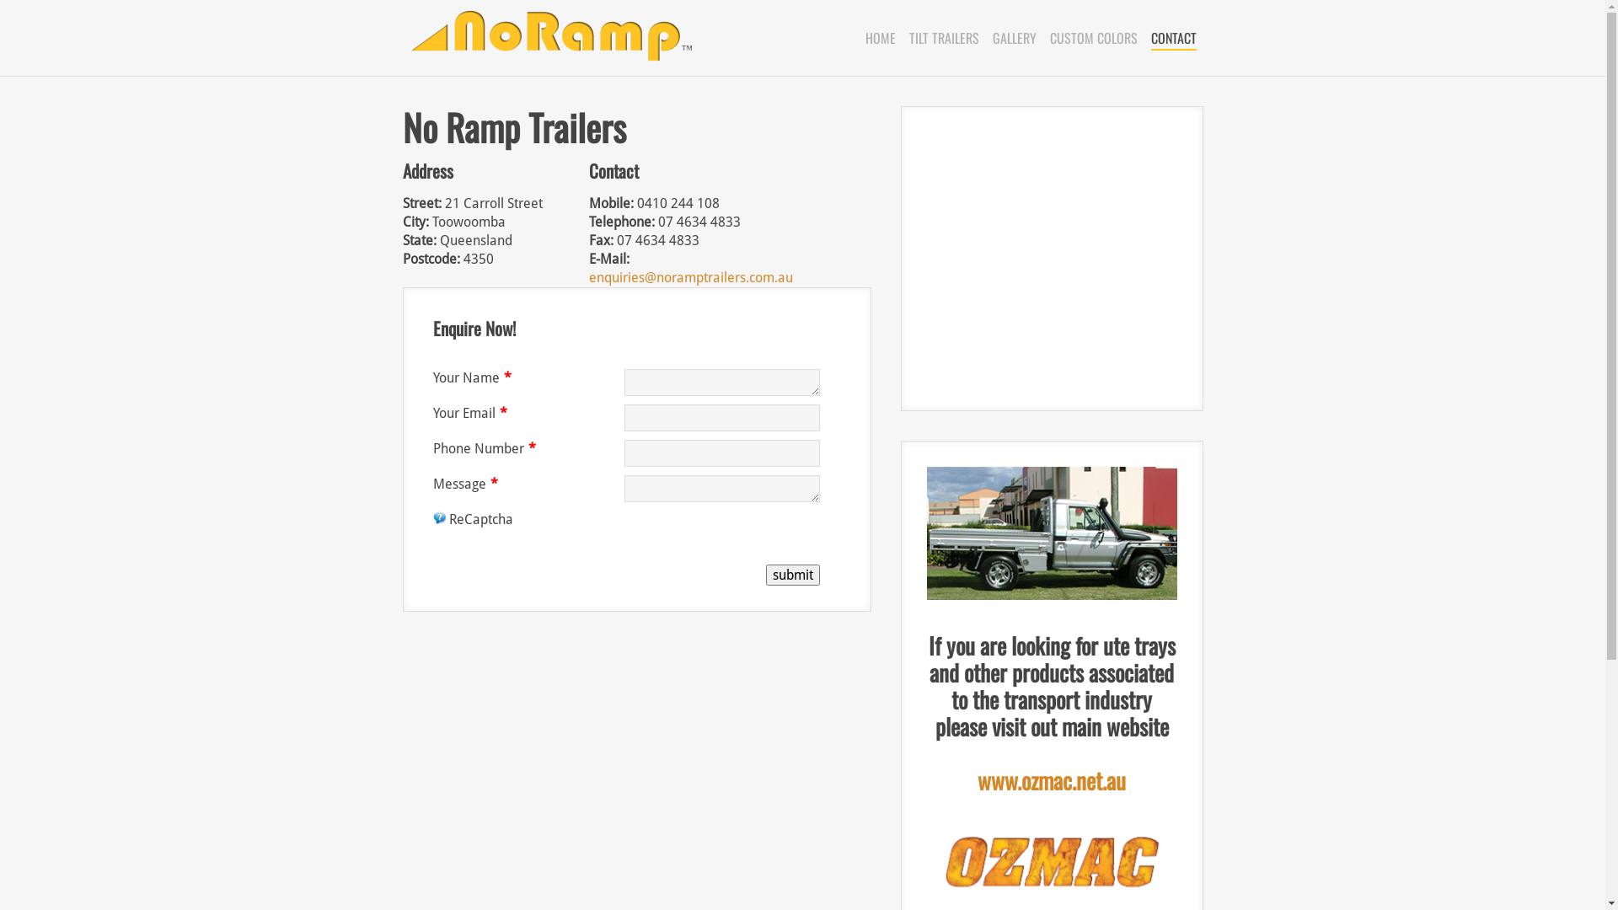  Describe the element at coordinates (1049, 38) in the screenshot. I see `'CUSTOM COLORS'` at that location.